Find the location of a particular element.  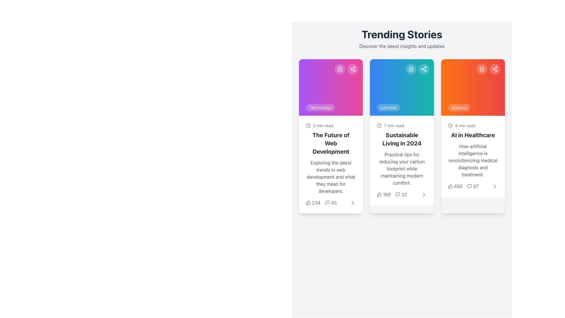

numerical value displayed by the Text element showing the number of likes or approvals for the associated topic, located at the bottom of the middle card, to the left of the statistic marked '32' is located at coordinates (384, 194).